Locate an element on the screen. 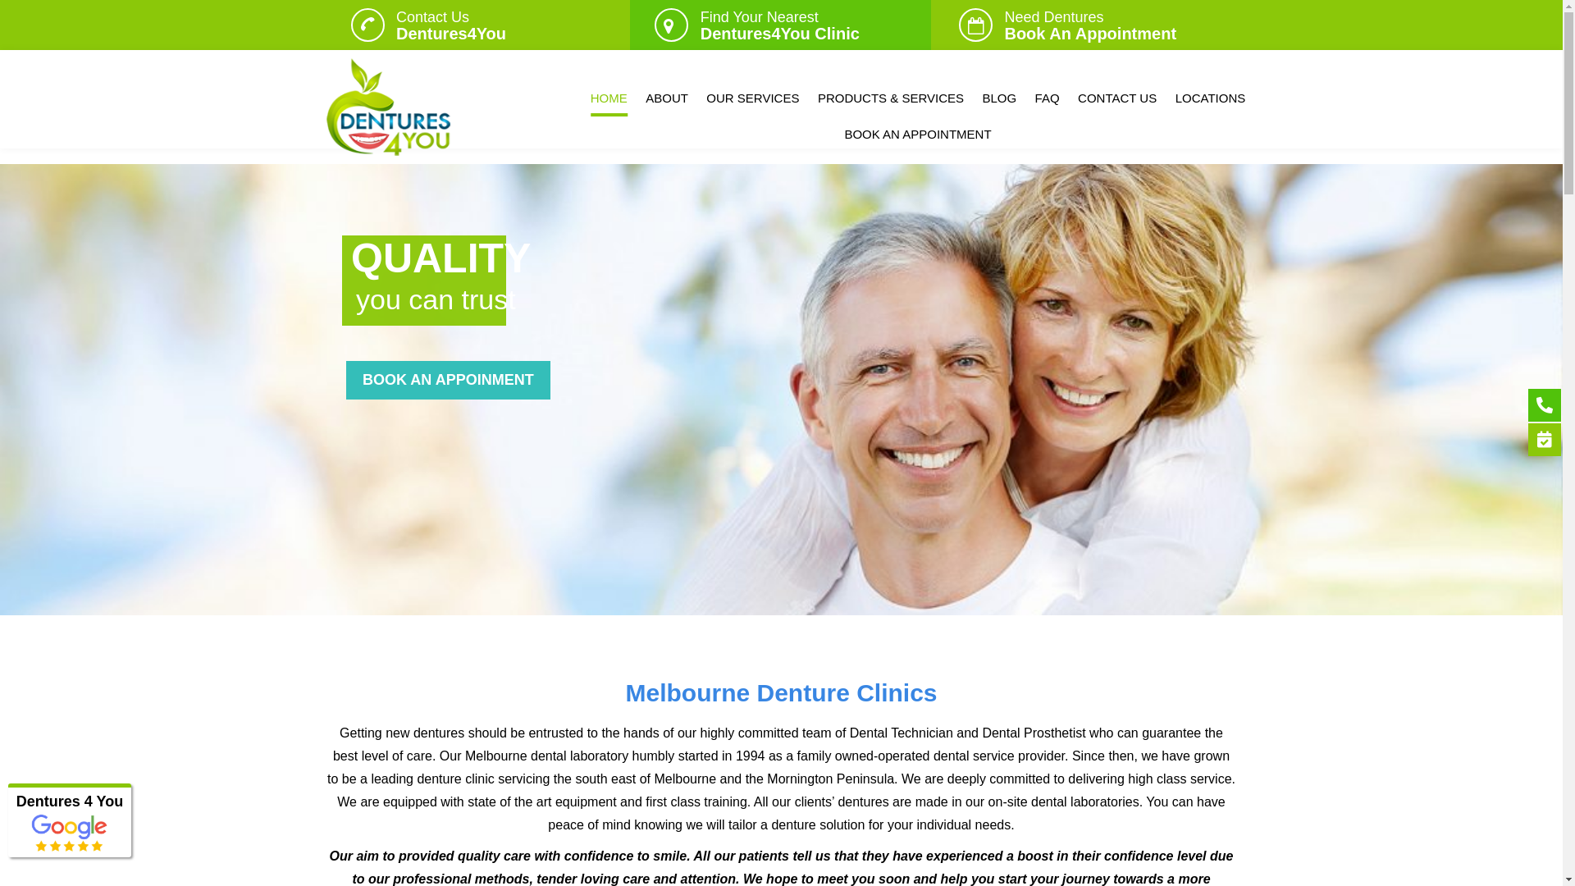  'Contact Us is located at coordinates (451, 25).